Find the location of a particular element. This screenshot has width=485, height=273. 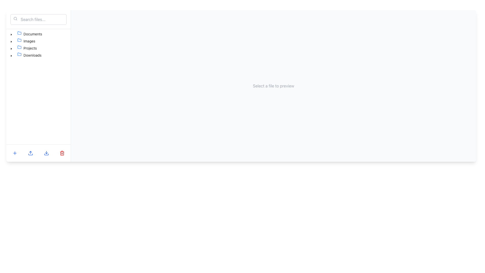

the 'Projects' text label in the left sidebar is located at coordinates (30, 48).